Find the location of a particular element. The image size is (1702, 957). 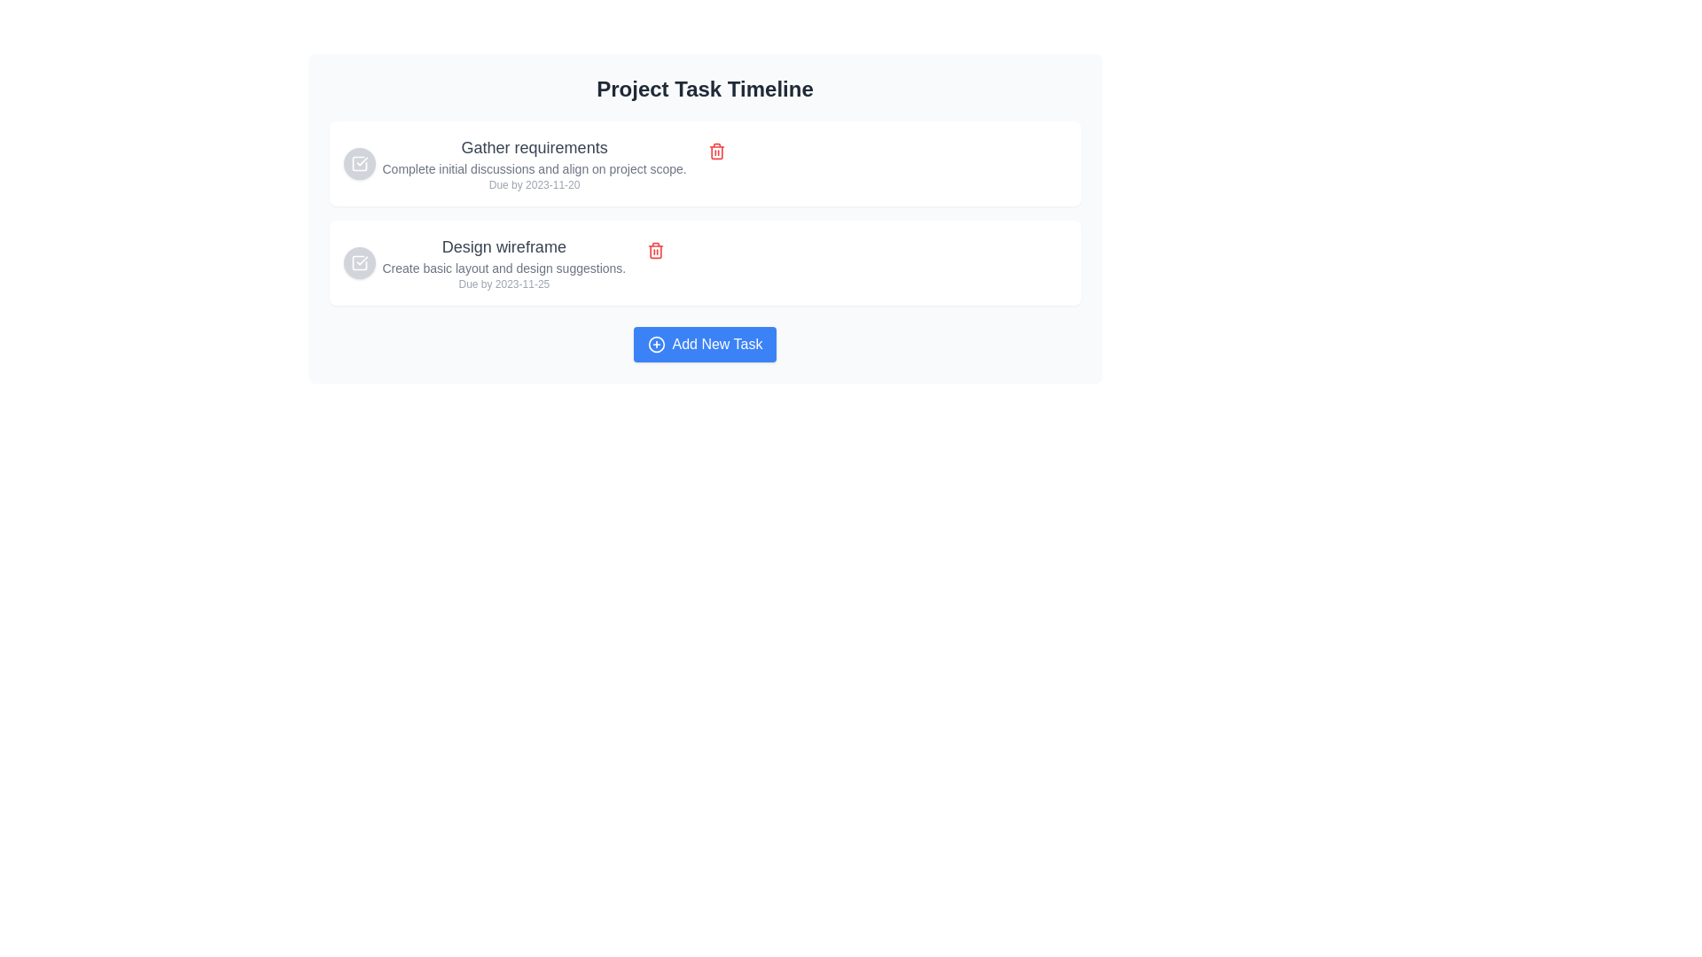

the status indicator icon with a checkmark inside, which is styled as a line drawing with a stroke effect, located is located at coordinates (358, 263).